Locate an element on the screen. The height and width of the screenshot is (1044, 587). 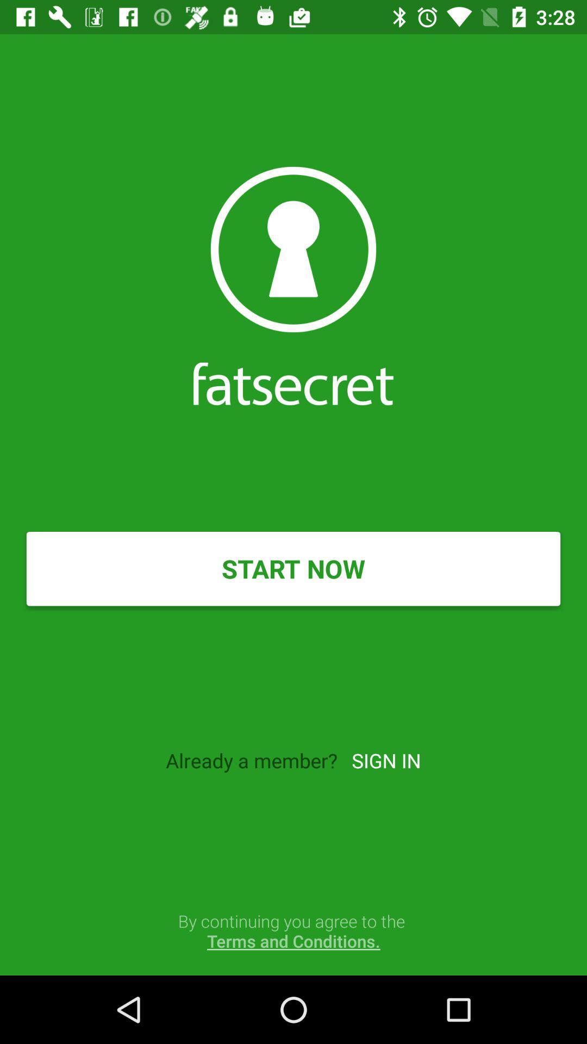
the item above already a member? item is located at coordinates (293, 568).